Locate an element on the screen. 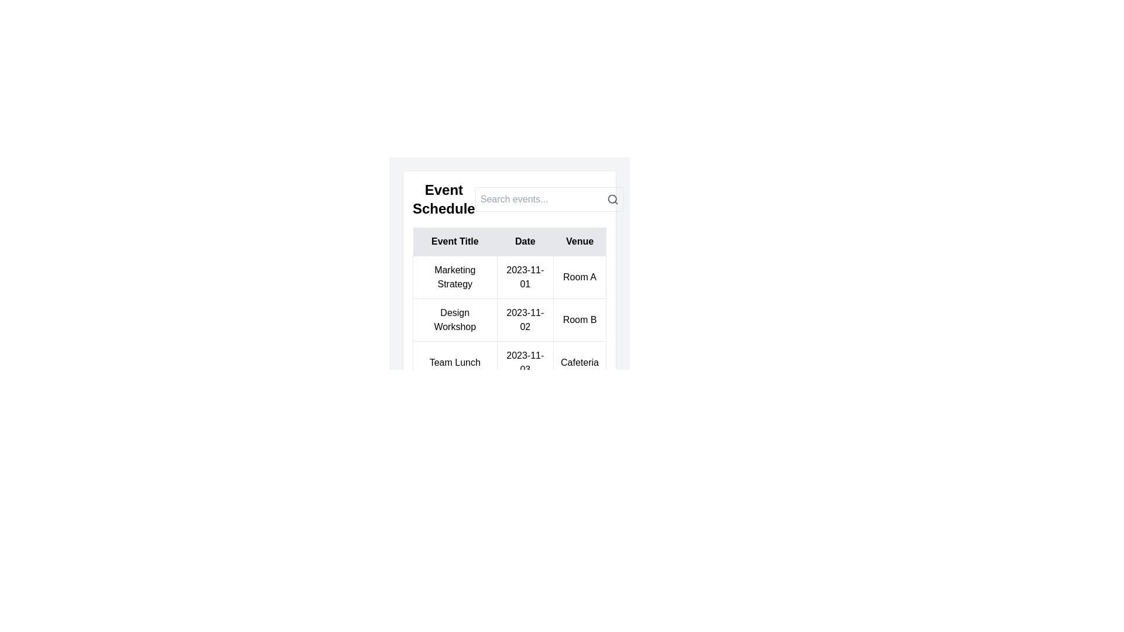 Image resolution: width=1124 pixels, height=632 pixels. the title text label of the event in the first column of the third row of the 'Event Schedule' table is located at coordinates (454, 362).